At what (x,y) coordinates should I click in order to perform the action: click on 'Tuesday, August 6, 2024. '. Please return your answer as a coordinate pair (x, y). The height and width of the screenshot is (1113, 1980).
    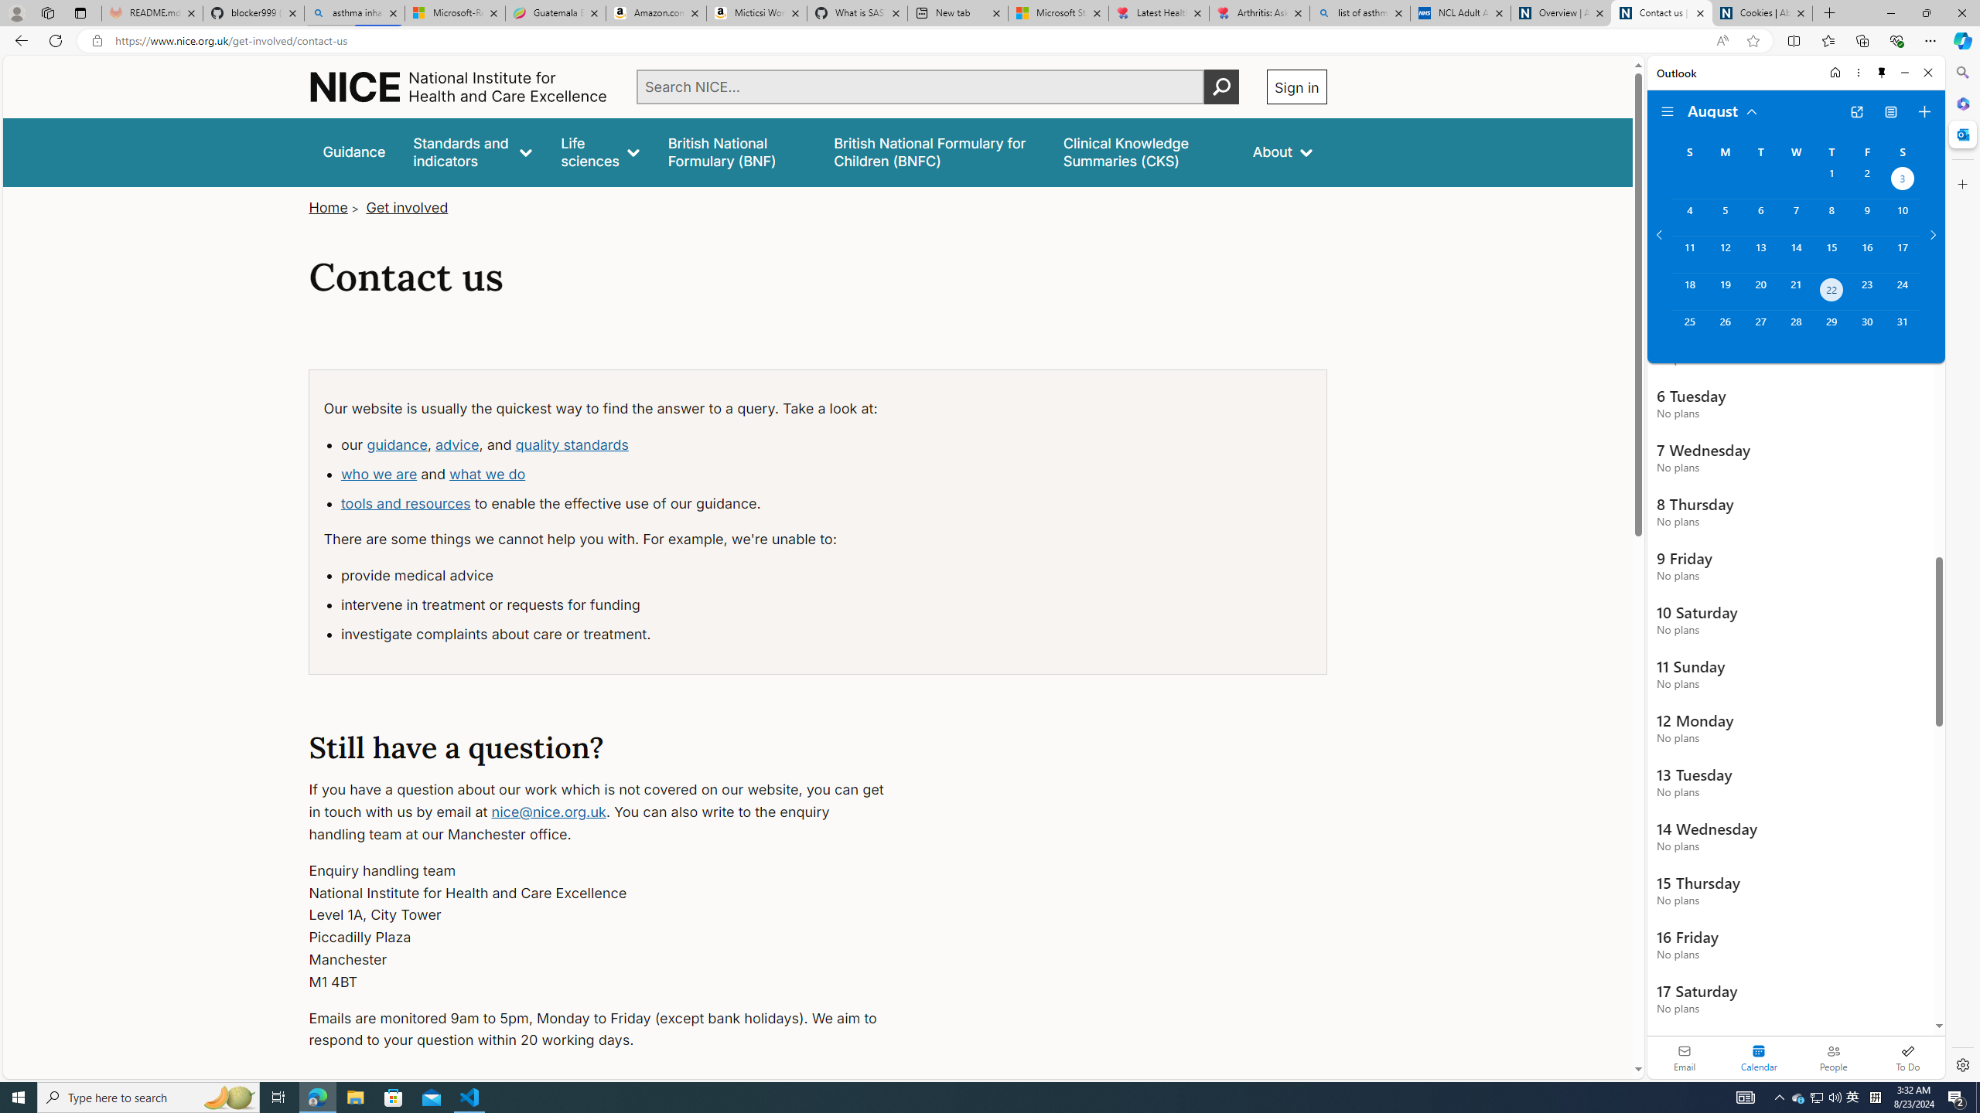
    Looking at the image, I should click on (1759, 216).